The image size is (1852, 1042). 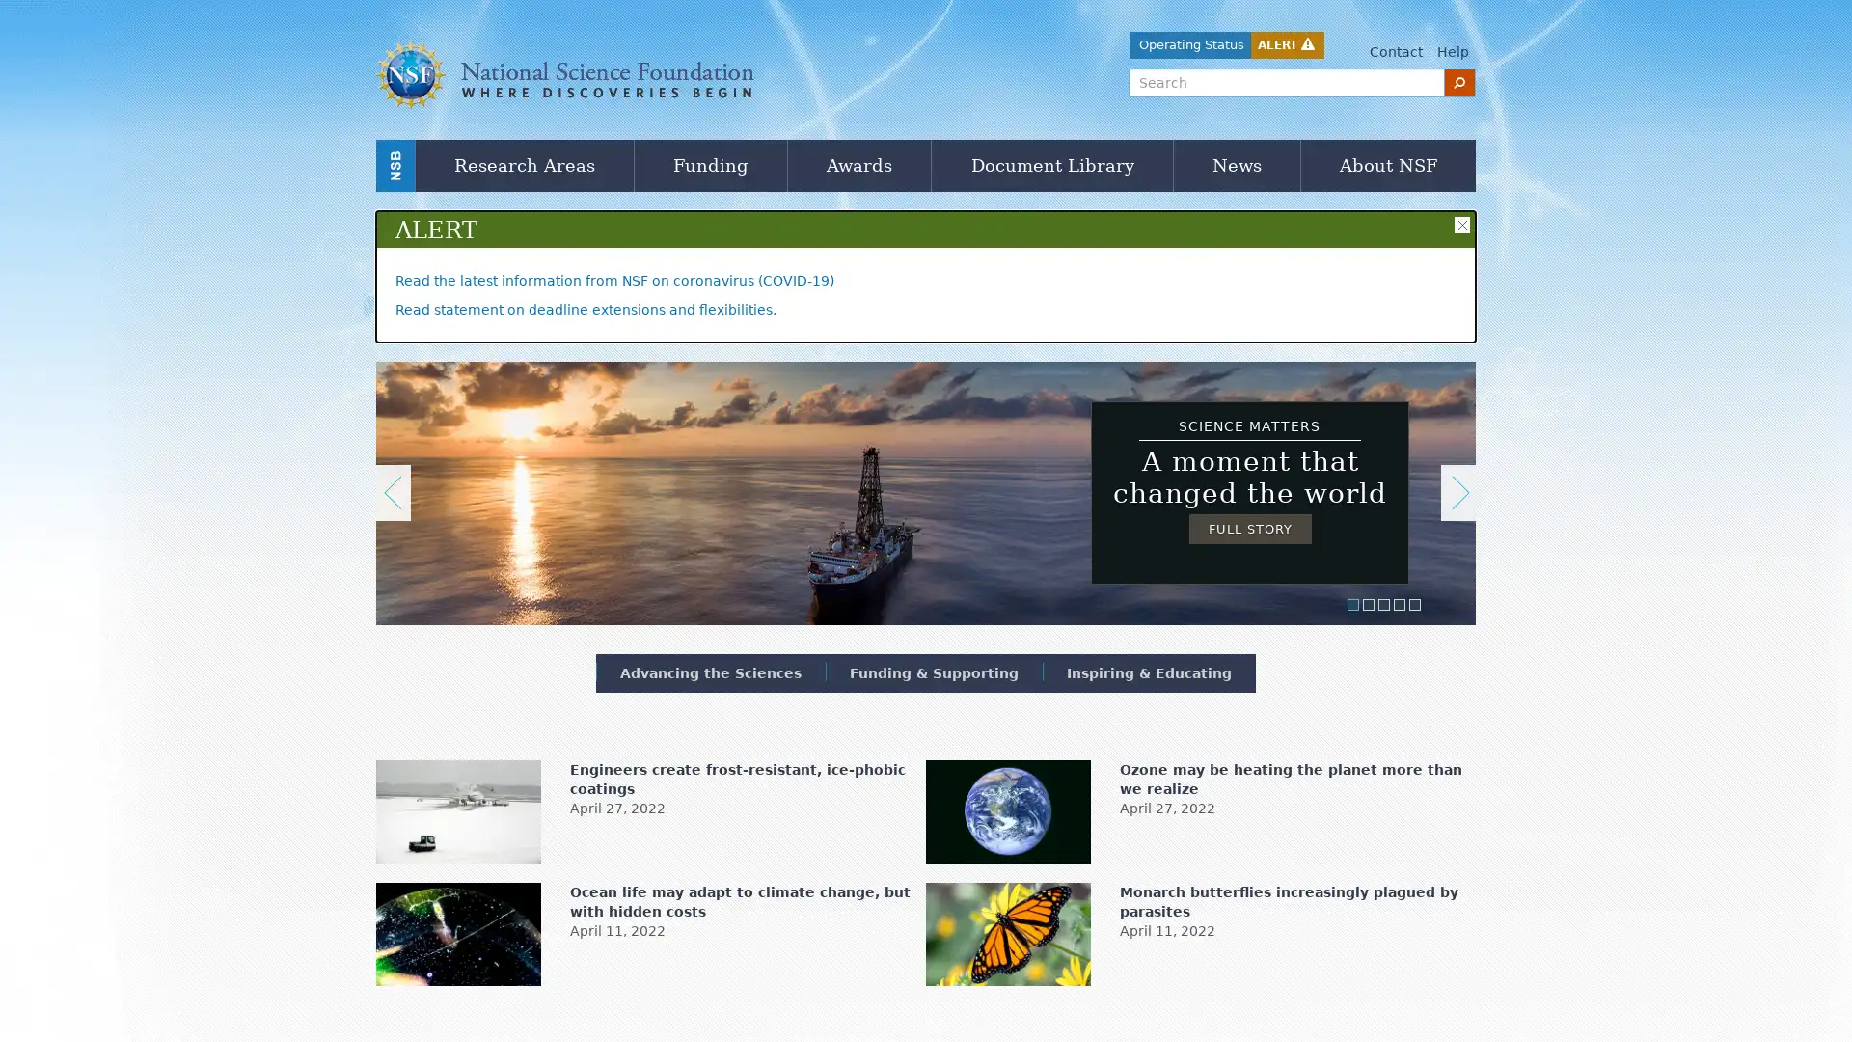 I want to click on Pause Carousel, so click(x=384, y=364).